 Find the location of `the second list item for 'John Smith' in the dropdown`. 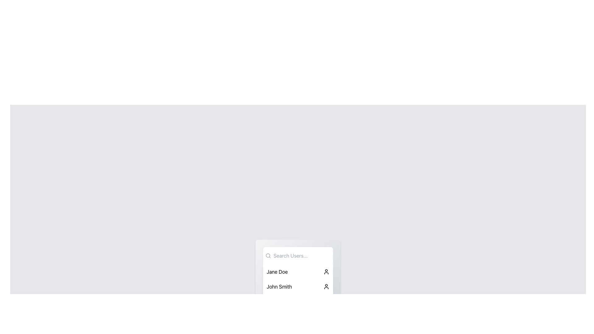

the second list item for 'John Smith' in the dropdown is located at coordinates (298, 286).